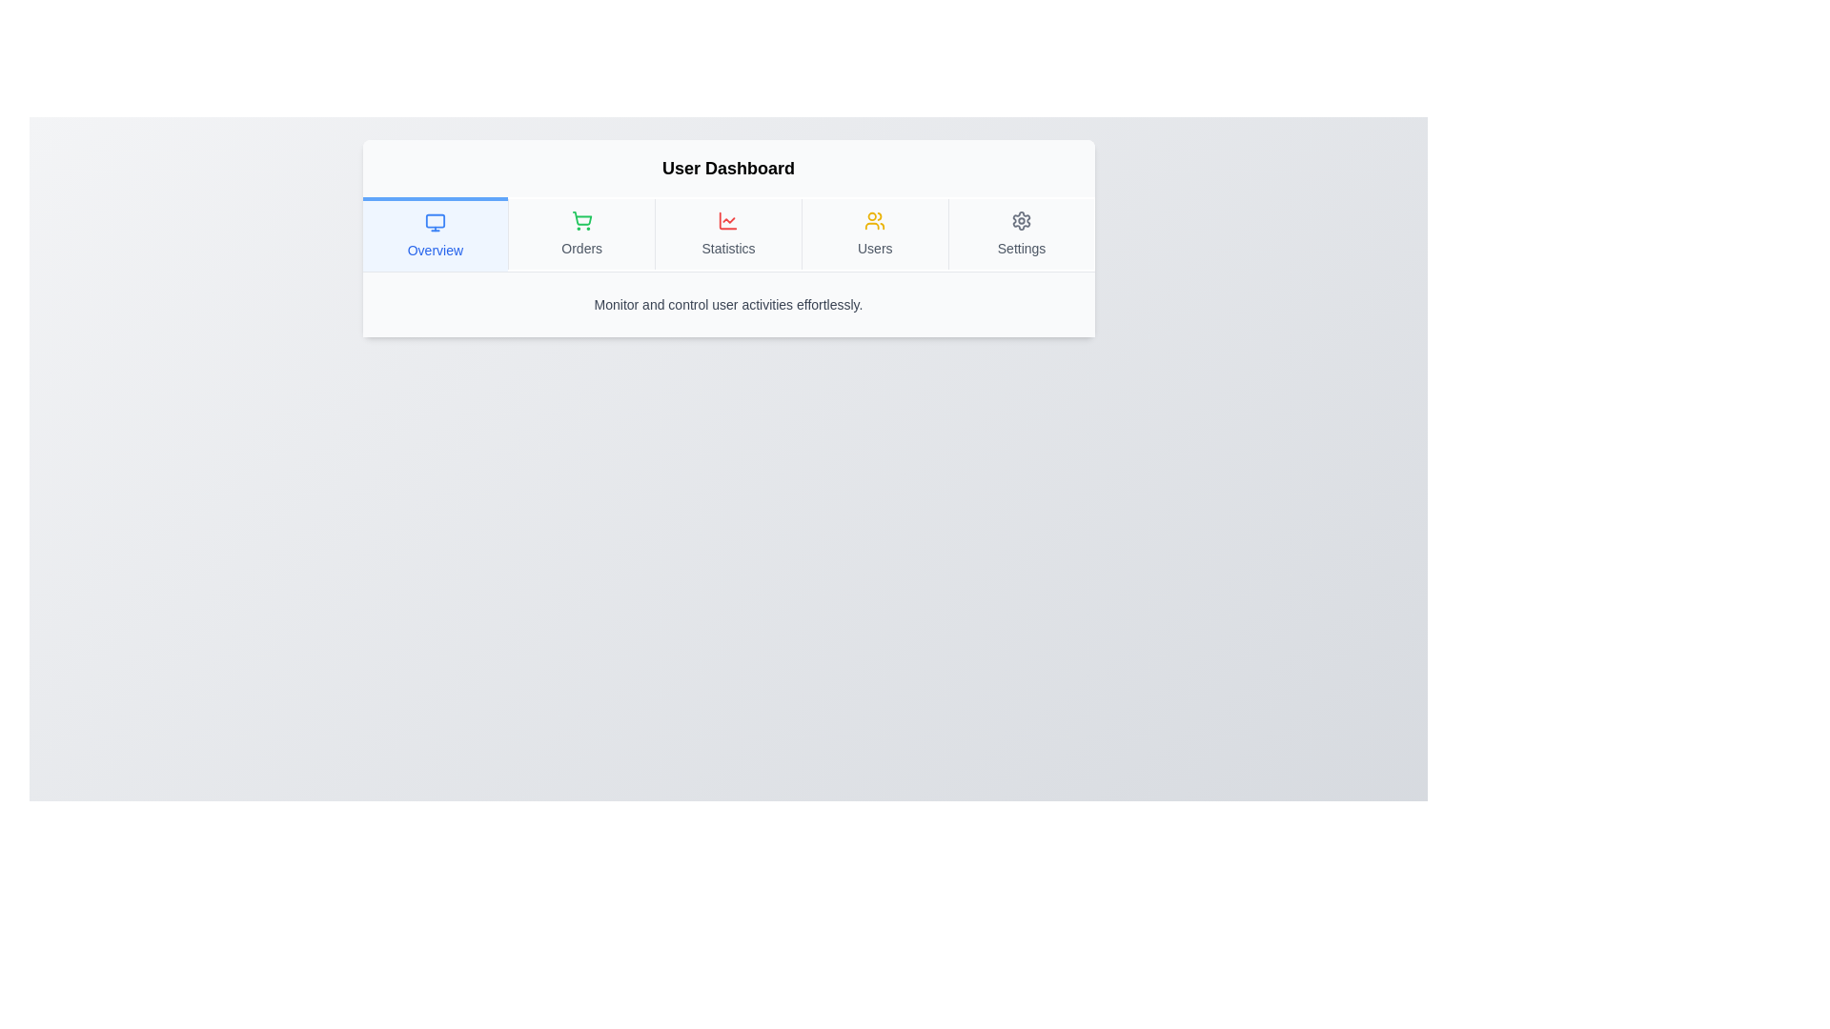  What do you see at coordinates (727, 168) in the screenshot?
I see `the Text label that serves as the primary title or context for the content beneath it, located above the navigation bar` at bounding box center [727, 168].